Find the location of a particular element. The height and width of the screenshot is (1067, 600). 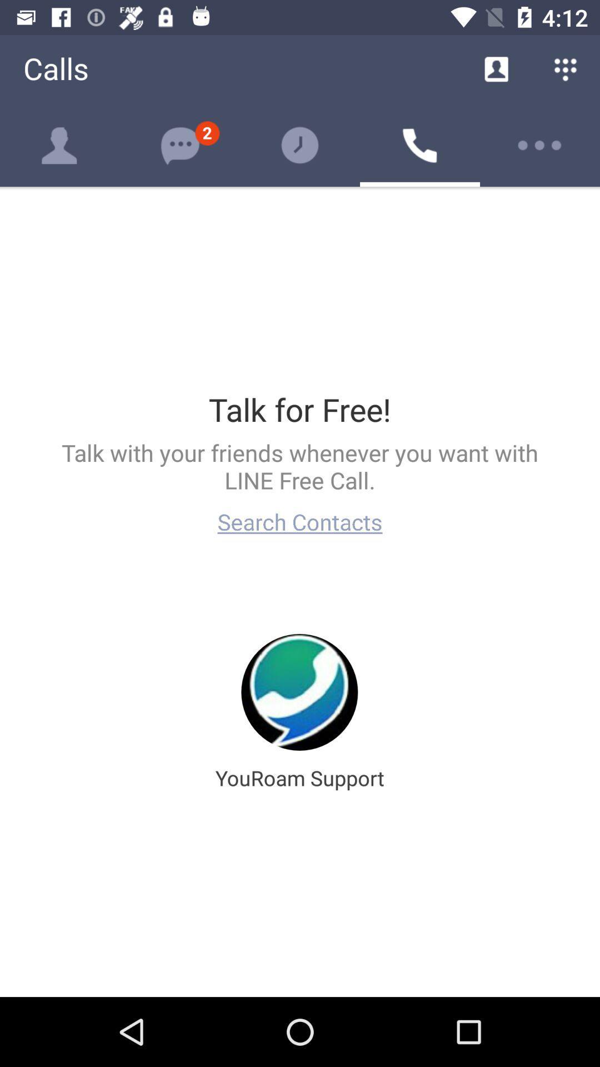

the fullscreen icon is located at coordinates (179, 145).